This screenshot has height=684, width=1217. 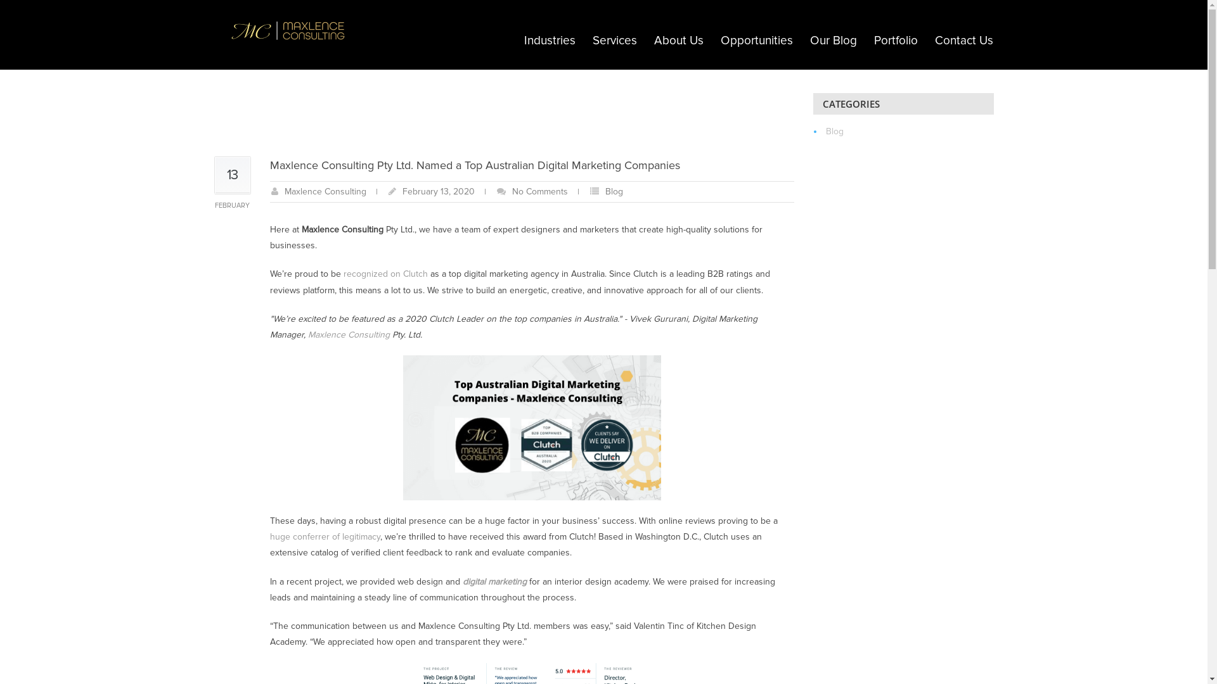 What do you see at coordinates (512, 191) in the screenshot?
I see `'No Comments'` at bounding box center [512, 191].